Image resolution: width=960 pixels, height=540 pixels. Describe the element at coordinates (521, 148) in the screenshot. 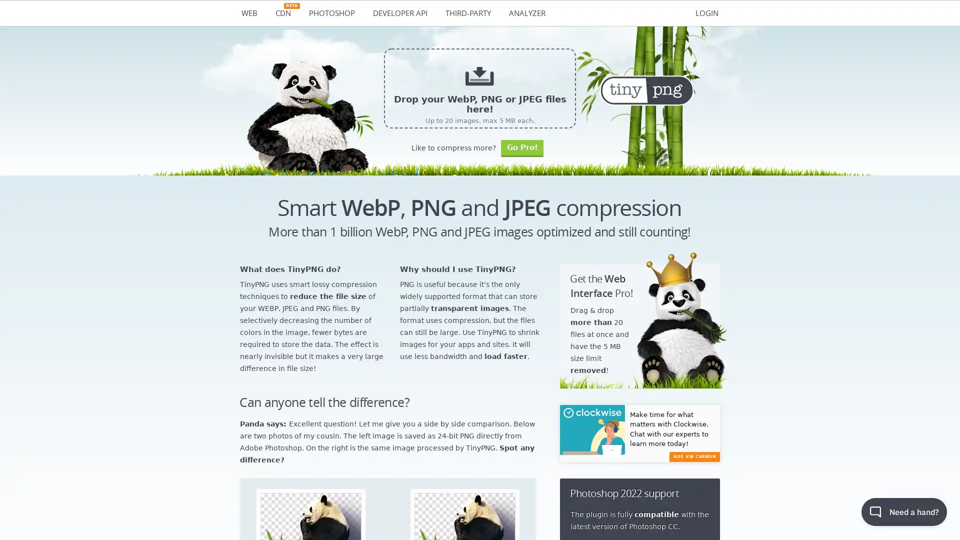

I see `Go Pro!` at that location.